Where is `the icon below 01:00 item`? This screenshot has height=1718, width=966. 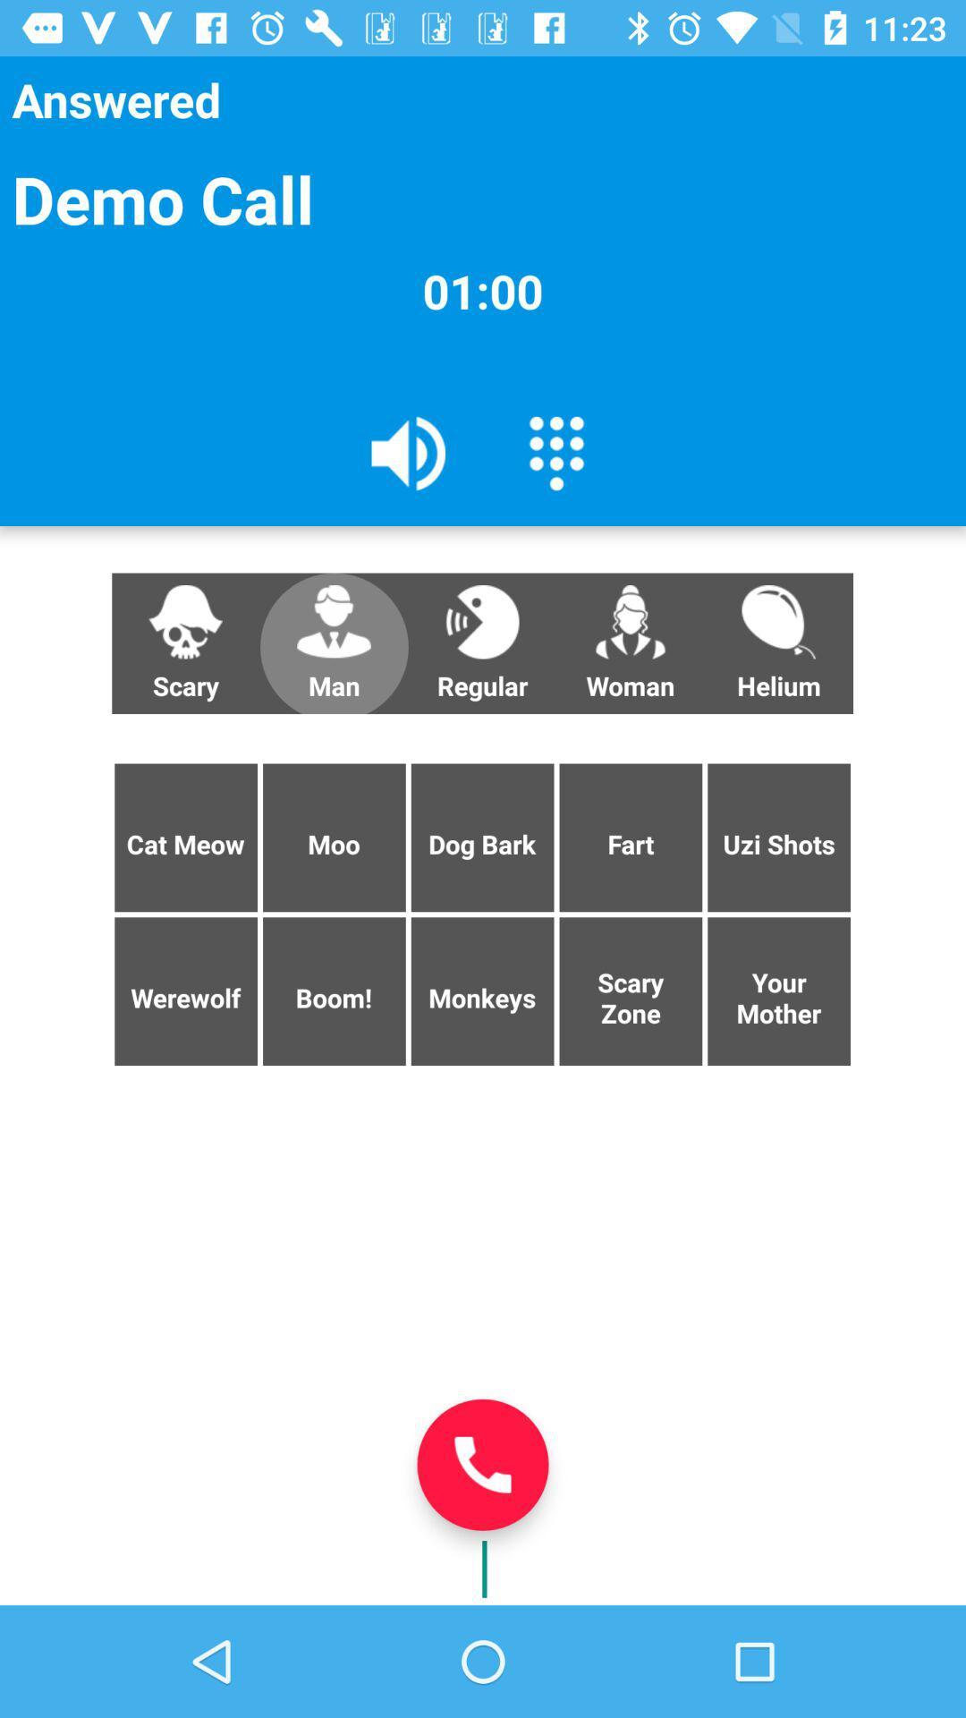
the icon below 01:00 item is located at coordinates (555, 452).